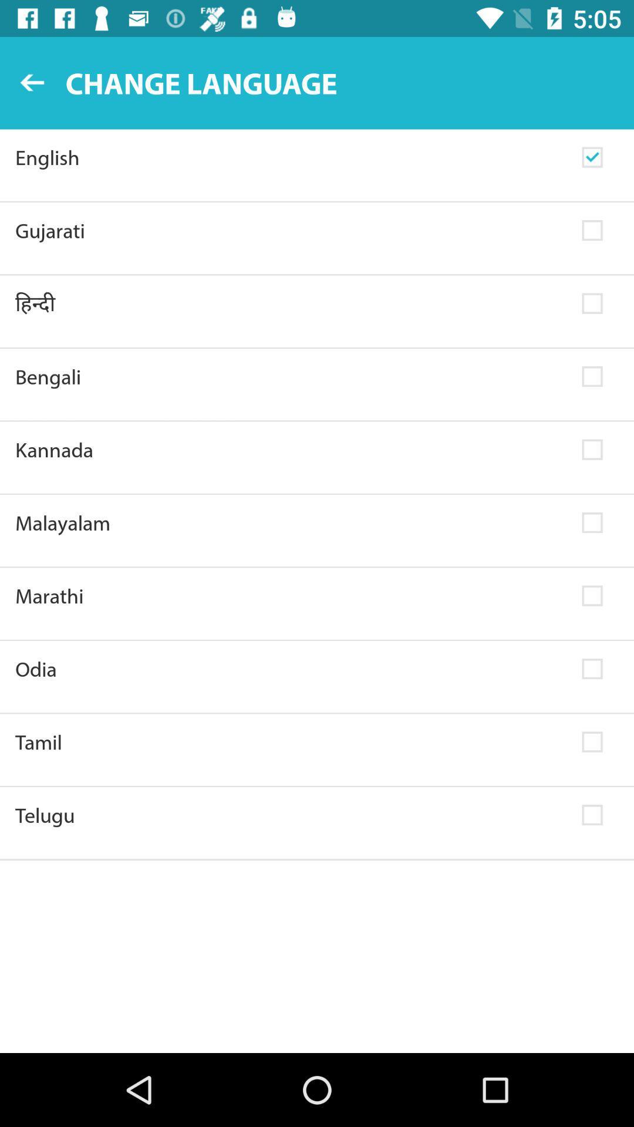  I want to click on marathi, so click(291, 596).